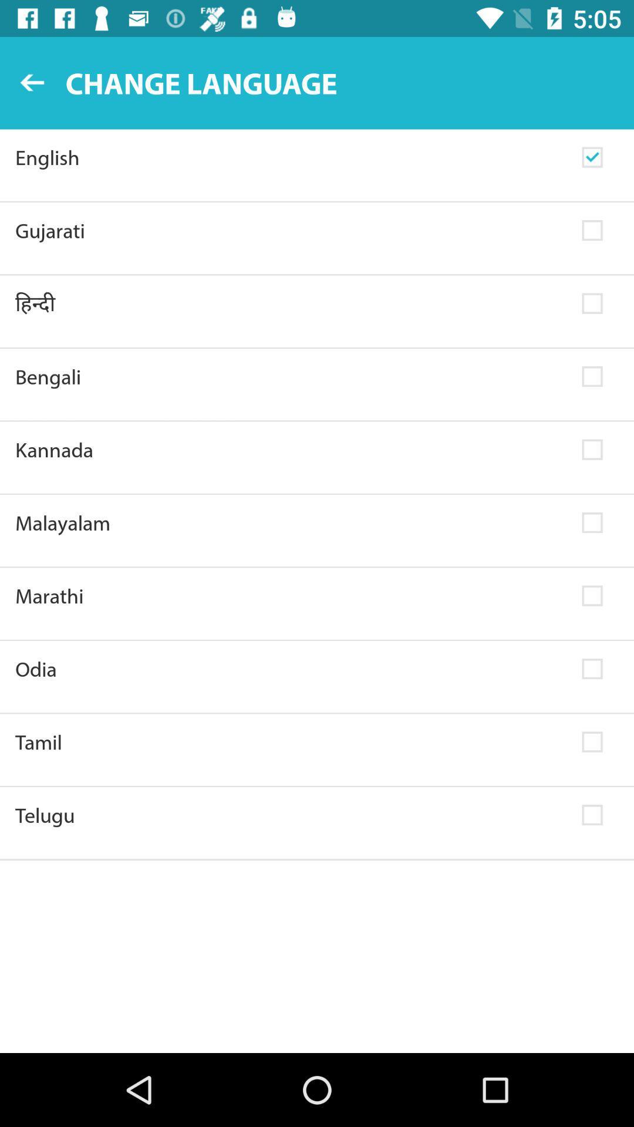  I want to click on marathi, so click(291, 596).